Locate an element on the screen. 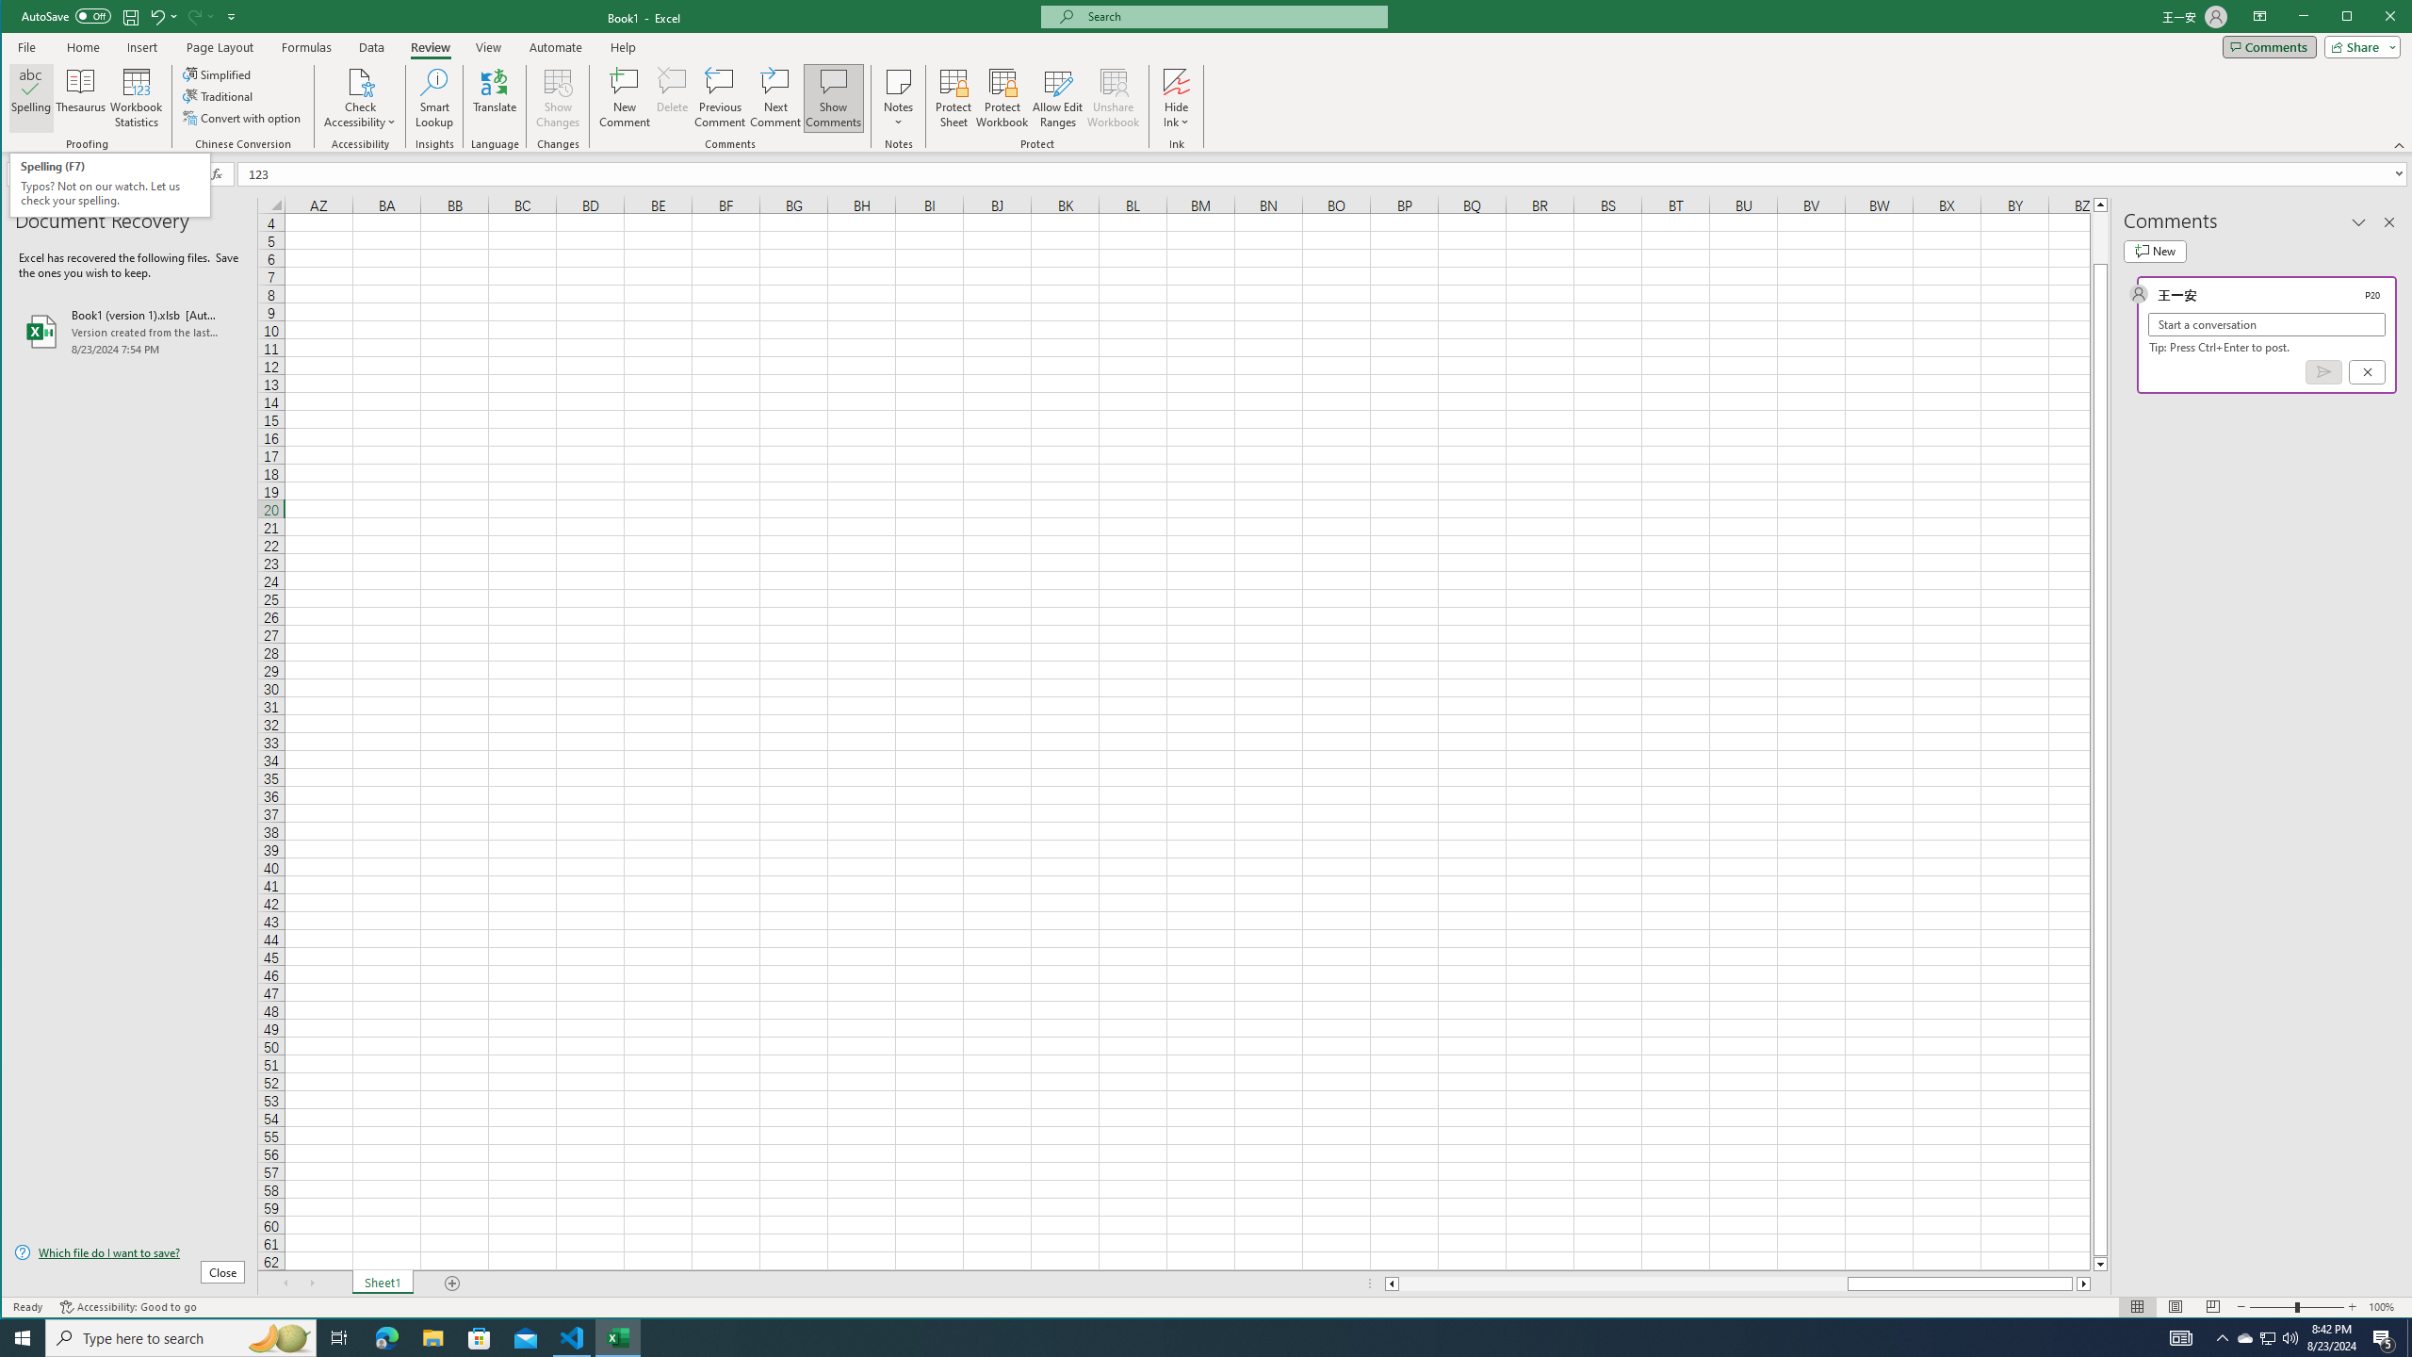  'Convert with option' is located at coordinates (242, 118).